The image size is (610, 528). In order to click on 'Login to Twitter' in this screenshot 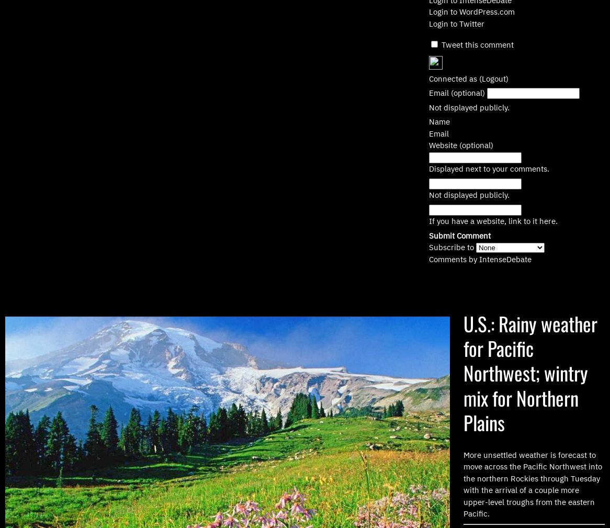, I will do `click(456, 23)`.